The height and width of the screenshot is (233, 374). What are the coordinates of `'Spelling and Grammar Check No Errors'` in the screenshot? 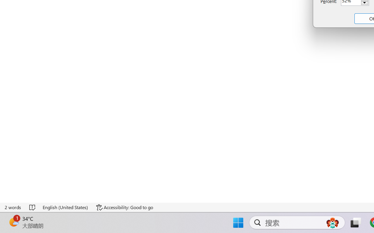 It's located at (32, 207).